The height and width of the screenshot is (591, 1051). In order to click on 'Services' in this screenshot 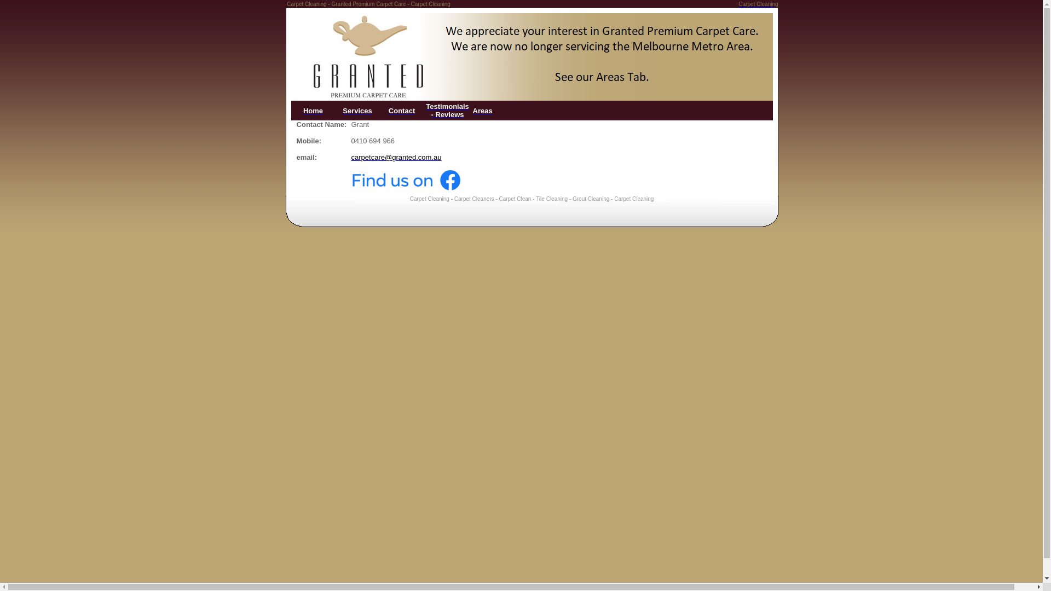, I will do `click(357, 110)`.